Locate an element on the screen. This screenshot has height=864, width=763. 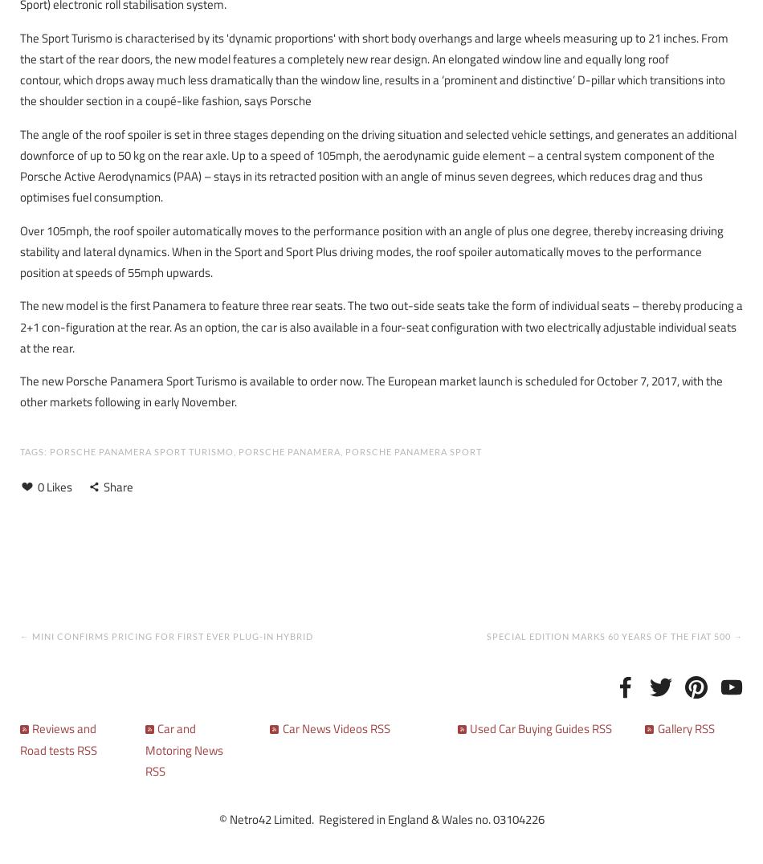
'The Sport Turismo is characterised by its 'dynamic proportions' with short body overhangs and large wheels measuring up to 21 inches. From the start of the rear doors, the new model features a completely new rear design. An elongated window line and equally long roof contour, which drops away much less dramatically than the window line, results in a ‘prominent and distinctive’ D-pillar which transitions into the shoulder section in a coupé-like fashion, says Porsche' is located at coordinates (19, 68).